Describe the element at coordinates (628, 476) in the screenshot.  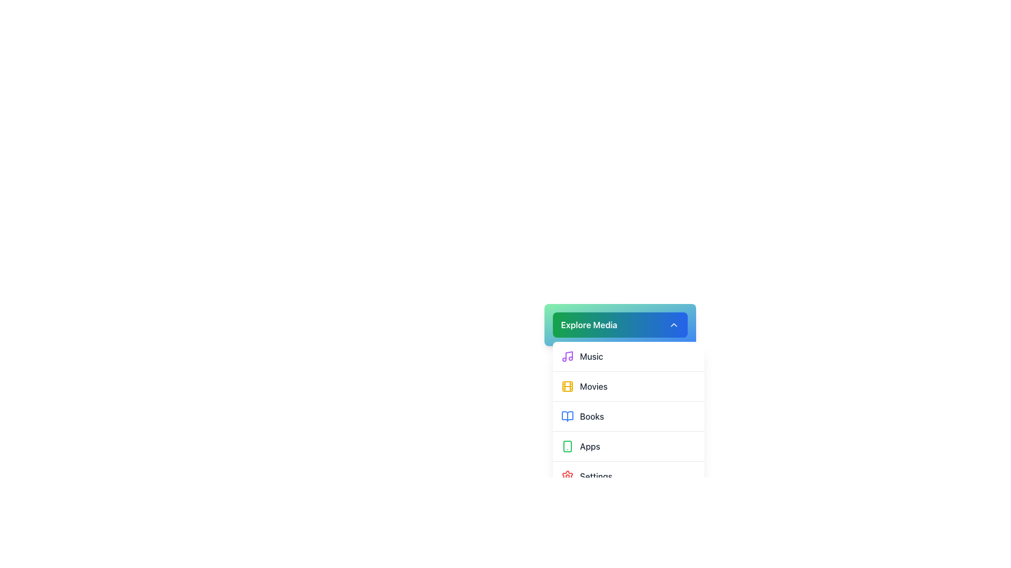
I see `the 'Settings' button in the dropdown menu, which features a red gear icon and the text 'Settings' in black, positioned below the 'Apps' item` at that location.